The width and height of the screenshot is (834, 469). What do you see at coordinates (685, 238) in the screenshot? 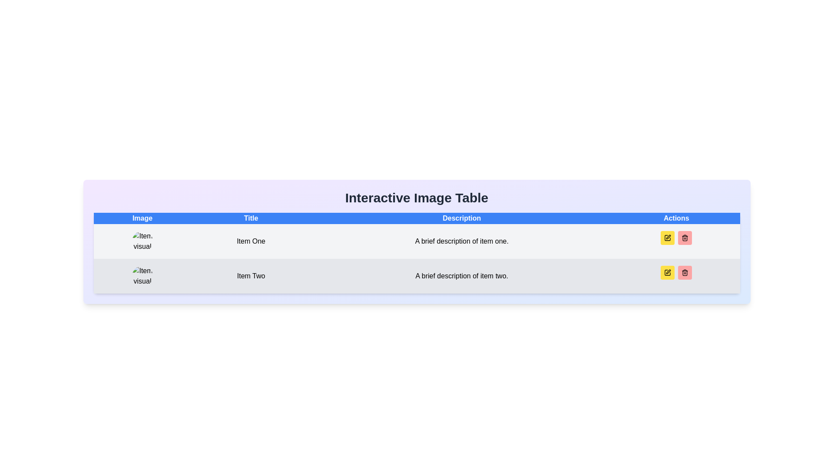
I see `the trash icon button with a red background in the second row of the 'Actions' column` at bounding box center [685, 238].